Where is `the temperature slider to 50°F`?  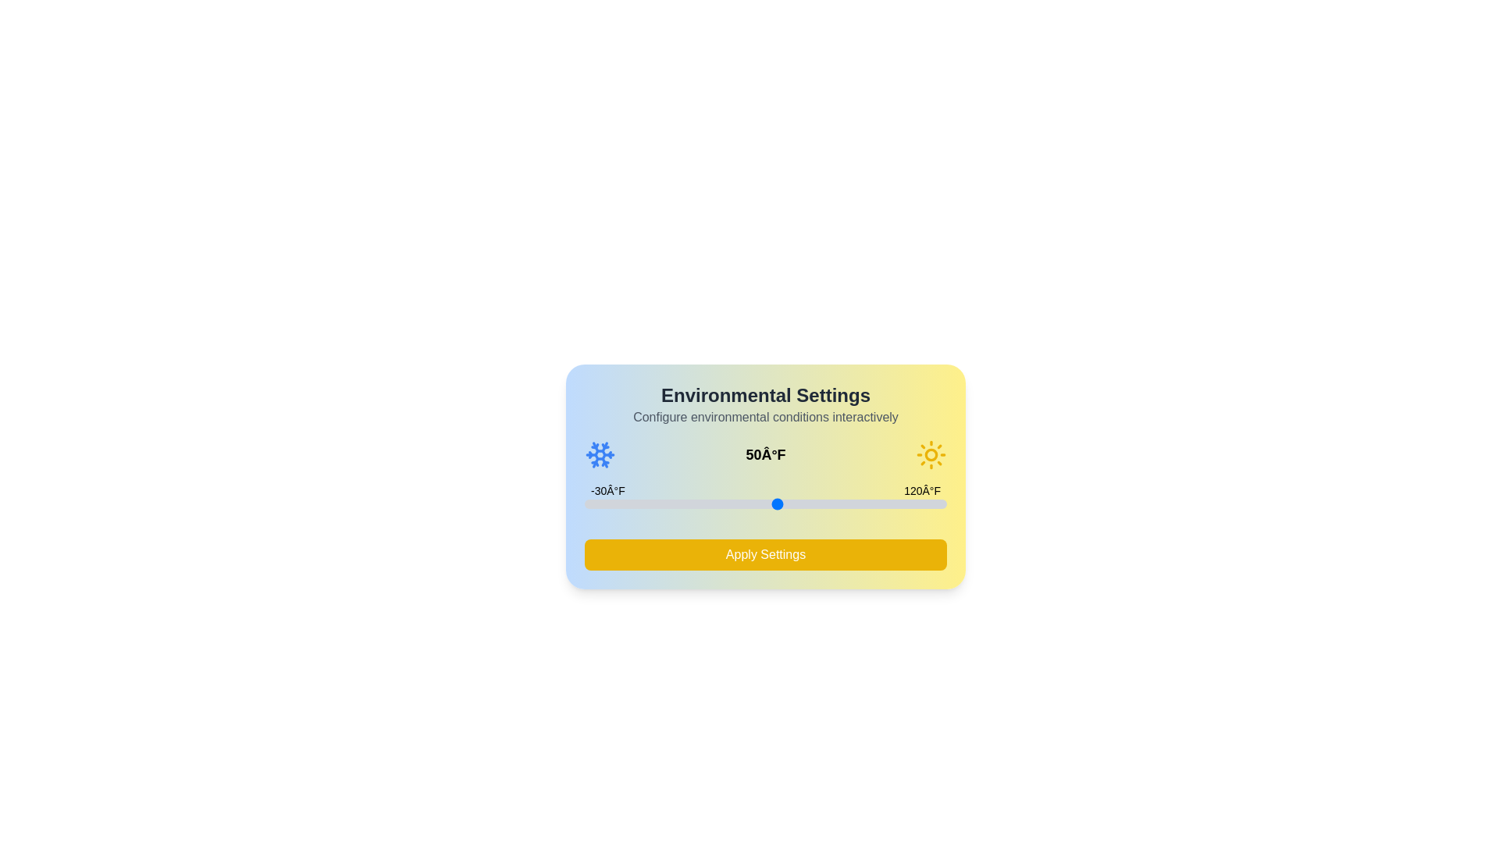
the temperature slider to 50°F is located at coordinates (778, 503).